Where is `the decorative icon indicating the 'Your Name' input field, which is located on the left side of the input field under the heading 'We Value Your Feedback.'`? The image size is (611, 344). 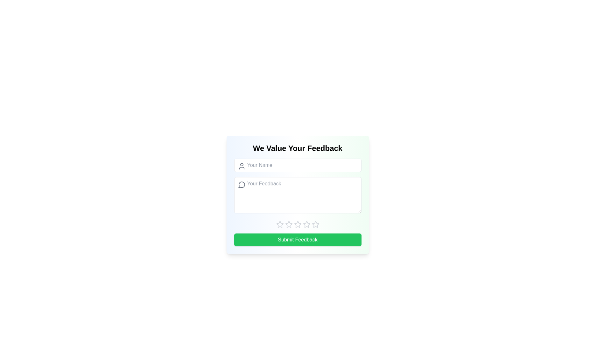 the decorative icon indicating the 'Your Name' input field, which is located on the left side of the input field under the heading 'We Value Your Feedback.' is located at coordinates (241, 166).